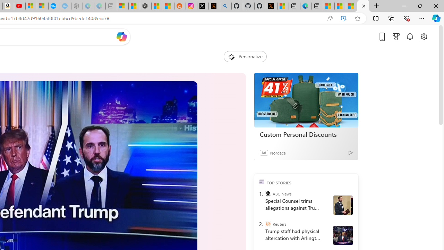 Image resolution: width=444 pixels, height=250 pixels. Describe the element at coordinates (396, 36) in the screenshot. I see `'Microsoft rewards'` at that location.